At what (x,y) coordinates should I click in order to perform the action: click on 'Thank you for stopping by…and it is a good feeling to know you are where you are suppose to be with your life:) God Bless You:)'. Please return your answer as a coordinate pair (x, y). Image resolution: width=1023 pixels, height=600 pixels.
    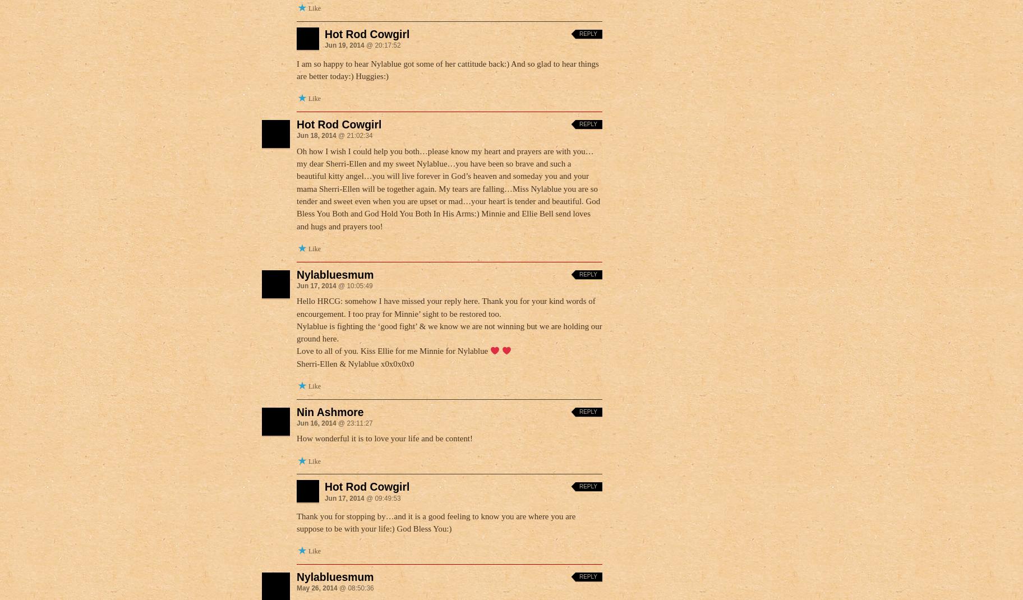
    Looking at the image, I should click on (296, 521).